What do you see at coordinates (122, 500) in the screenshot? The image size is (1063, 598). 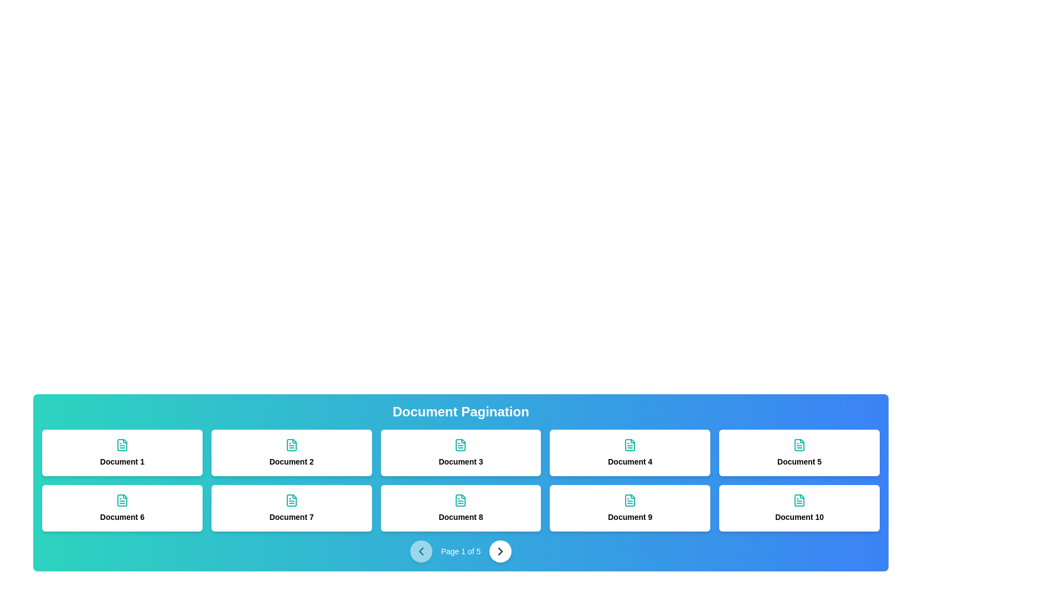 I see `the teal file icon outlined in white, representing a document with horizontal stripes, located at the upper section of the 'Document 6' card in the second row, first column of the grid layout` at bounding box center [122, 500].